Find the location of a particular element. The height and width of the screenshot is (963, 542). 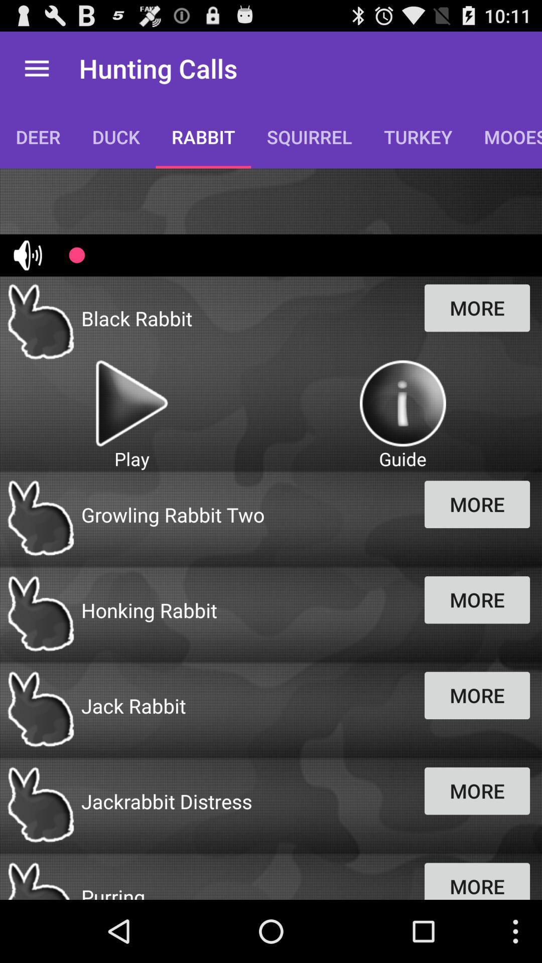

play is located at coordinates (131, 403).